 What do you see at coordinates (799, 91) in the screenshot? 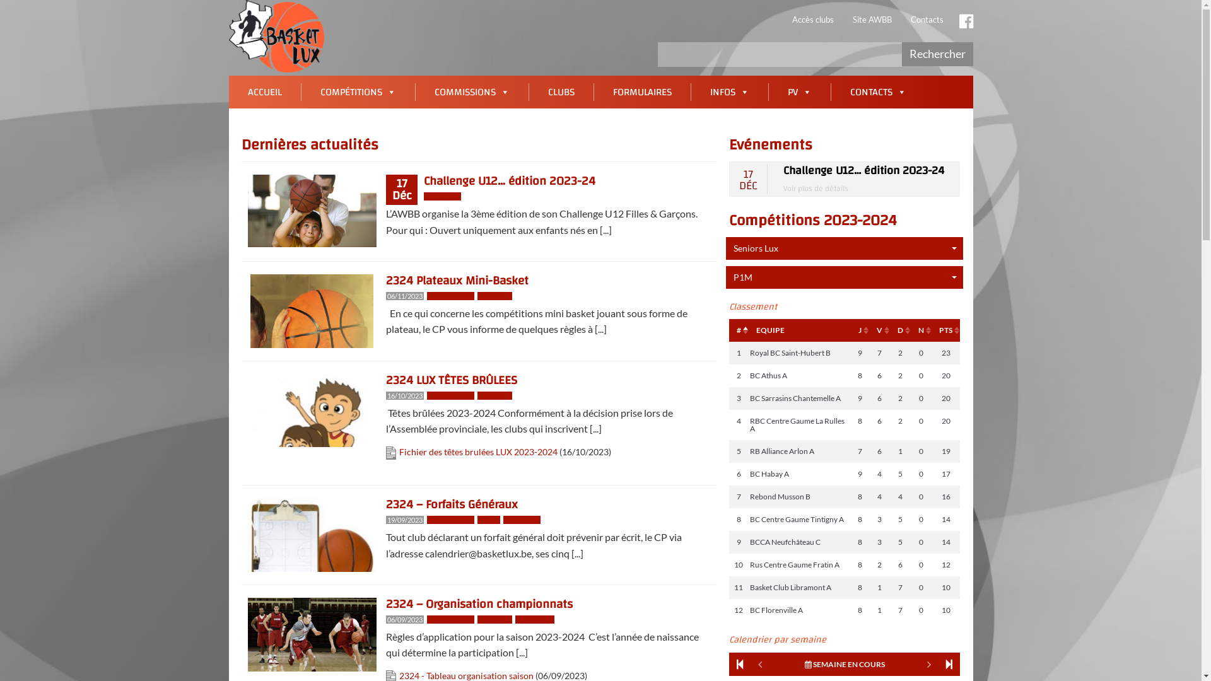
I see `'PV'` at bounding box center [799, 91].